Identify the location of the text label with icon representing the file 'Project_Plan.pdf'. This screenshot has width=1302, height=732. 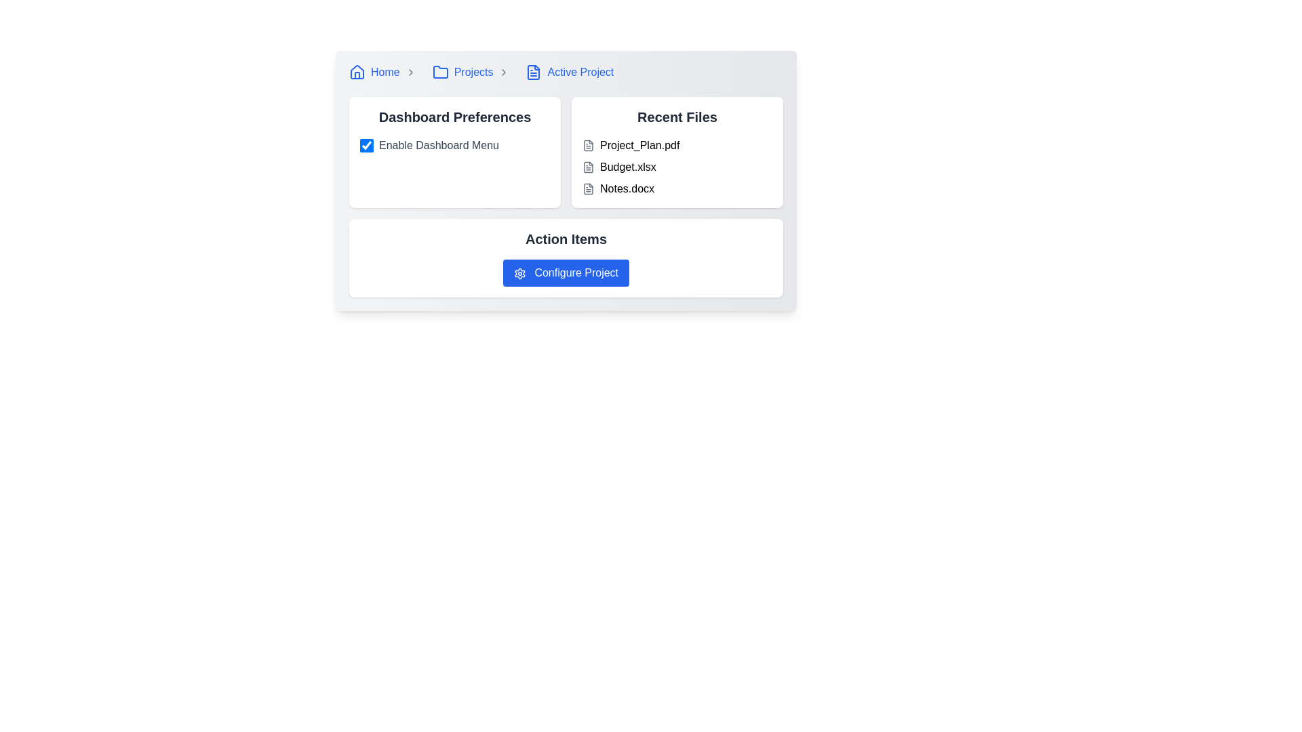
(677, 146).